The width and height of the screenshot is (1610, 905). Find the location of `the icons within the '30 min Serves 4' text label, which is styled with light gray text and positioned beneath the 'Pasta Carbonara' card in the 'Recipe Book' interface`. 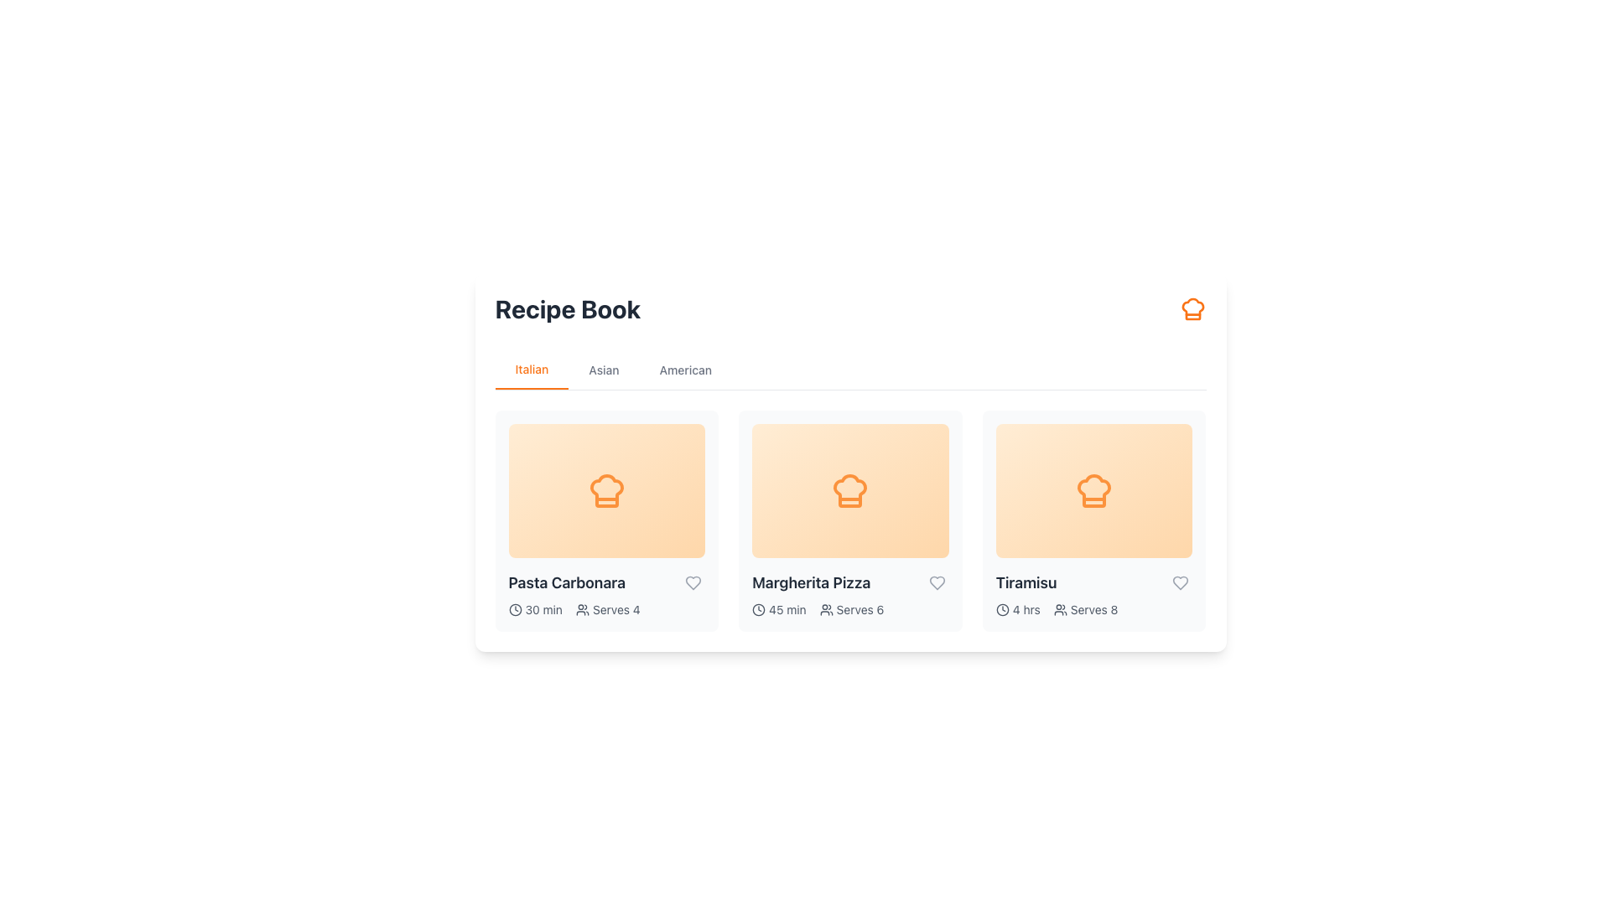

the icons within the '30 min Serves 4' text label, which is styled with light gray text and positioned beneath the 'Pasta Carbonara' card in the 'Recipe Book' interface is located at coordinates (605, 610).